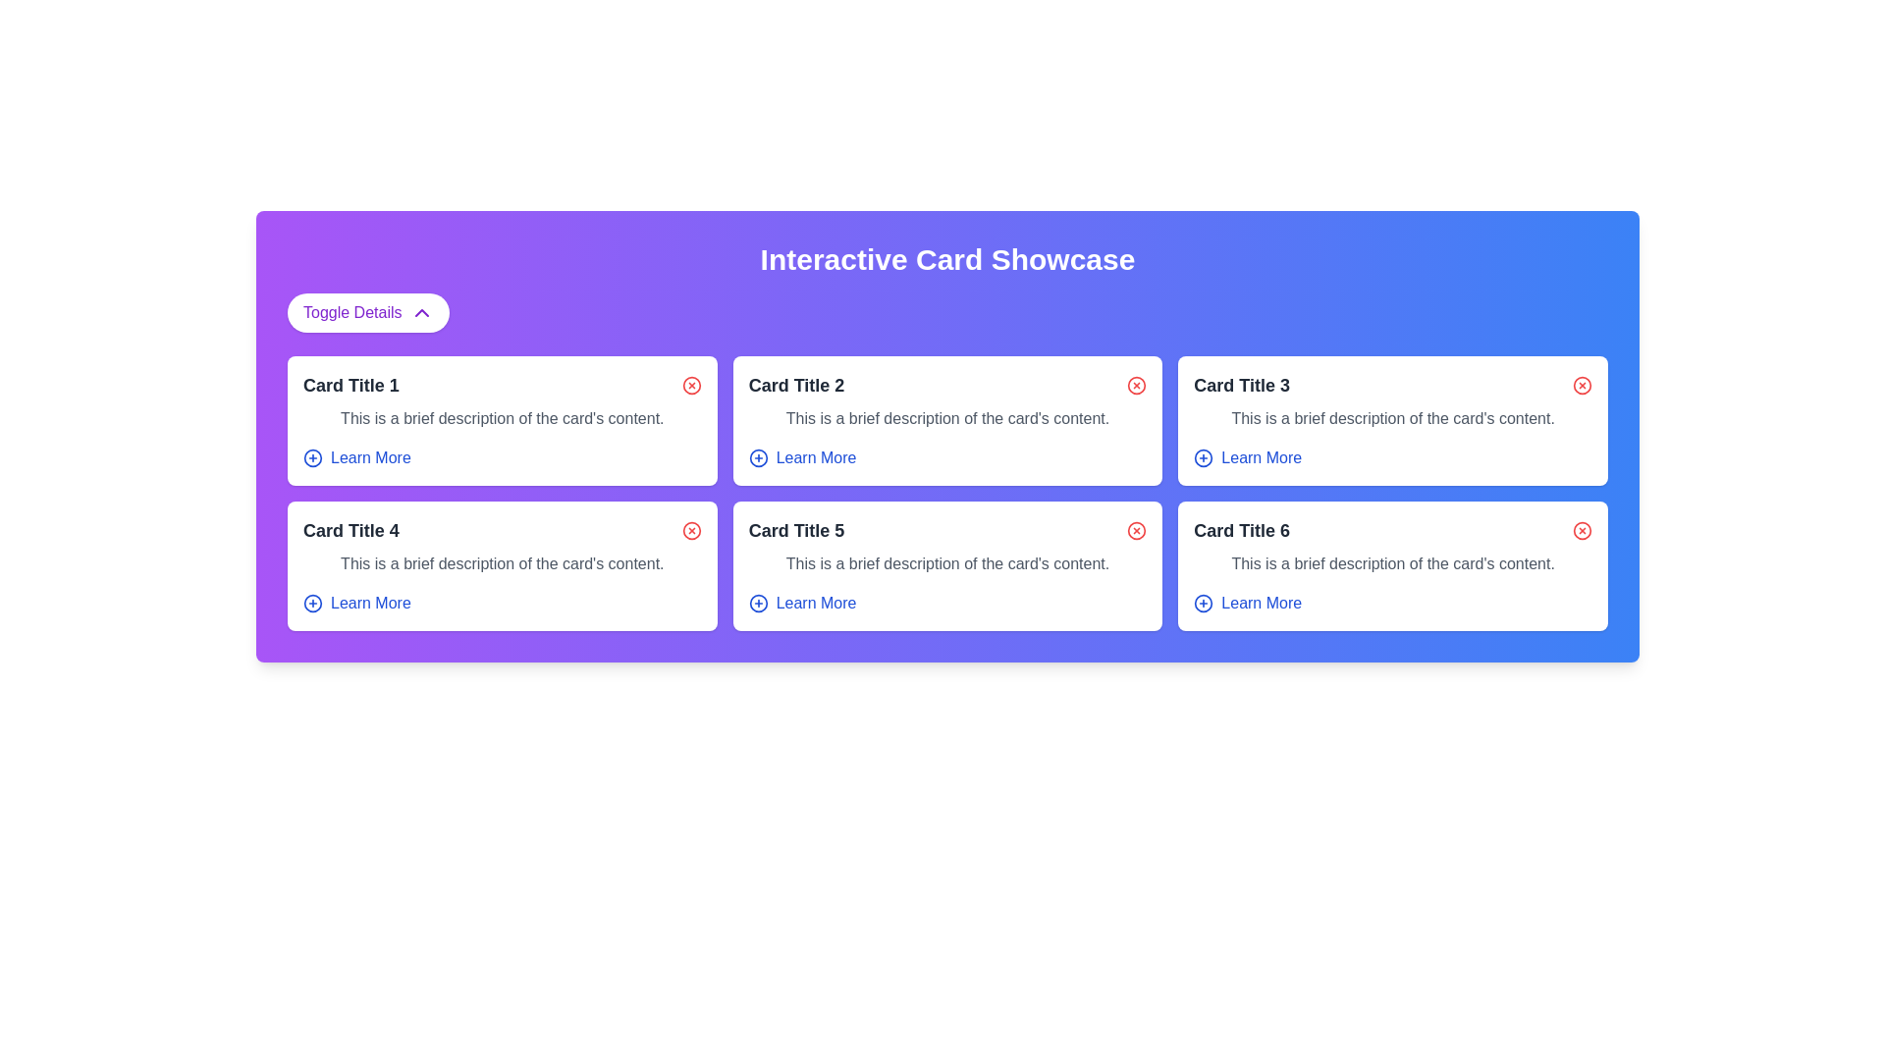 The width and height of the screenshot is (1885, 1060). What do you see at coordinates (502, 419) in the screenshot?
I see `the first card in the grid layout to change its background color` at bounding box center [502, 419].